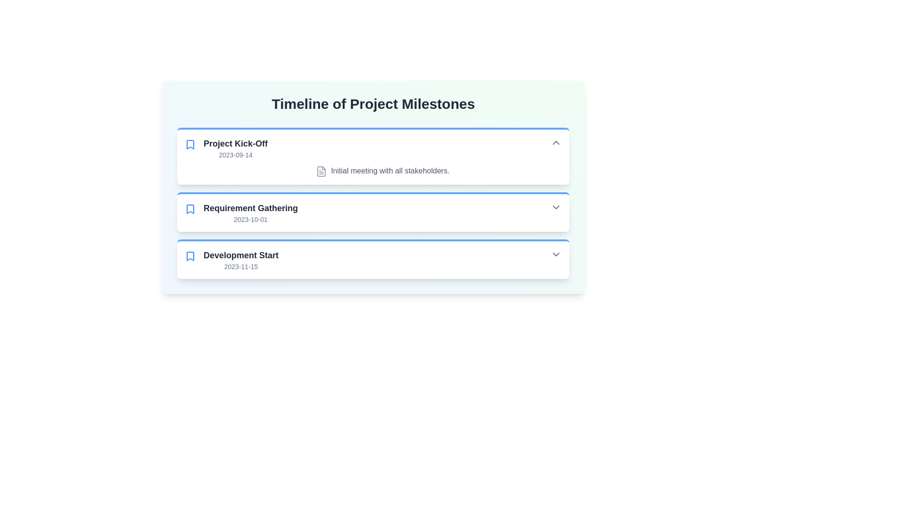  I want to click on the Icon that serves as a visual marker for the 'Development Start' item, which is the third entry under 'Timeline of Project Milestones', so click(189, 256).